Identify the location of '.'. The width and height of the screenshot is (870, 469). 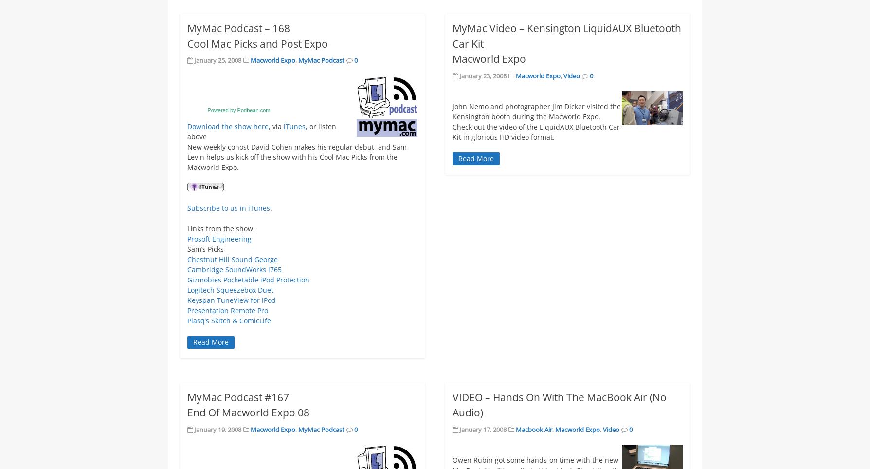
(271, 207).